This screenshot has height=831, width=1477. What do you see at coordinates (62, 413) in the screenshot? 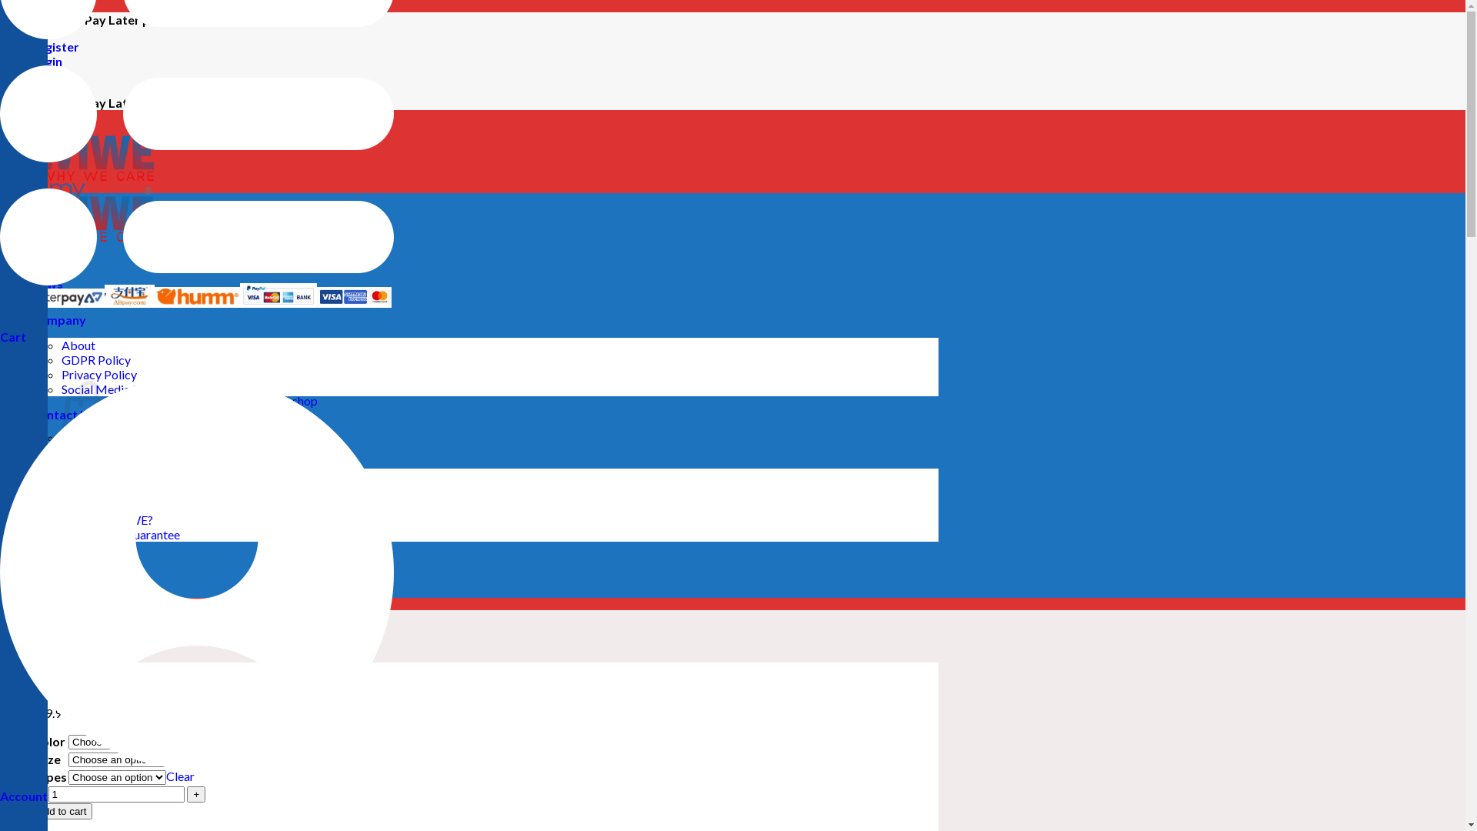
I see `'Contact Us'` at bounding box center [62, 413].